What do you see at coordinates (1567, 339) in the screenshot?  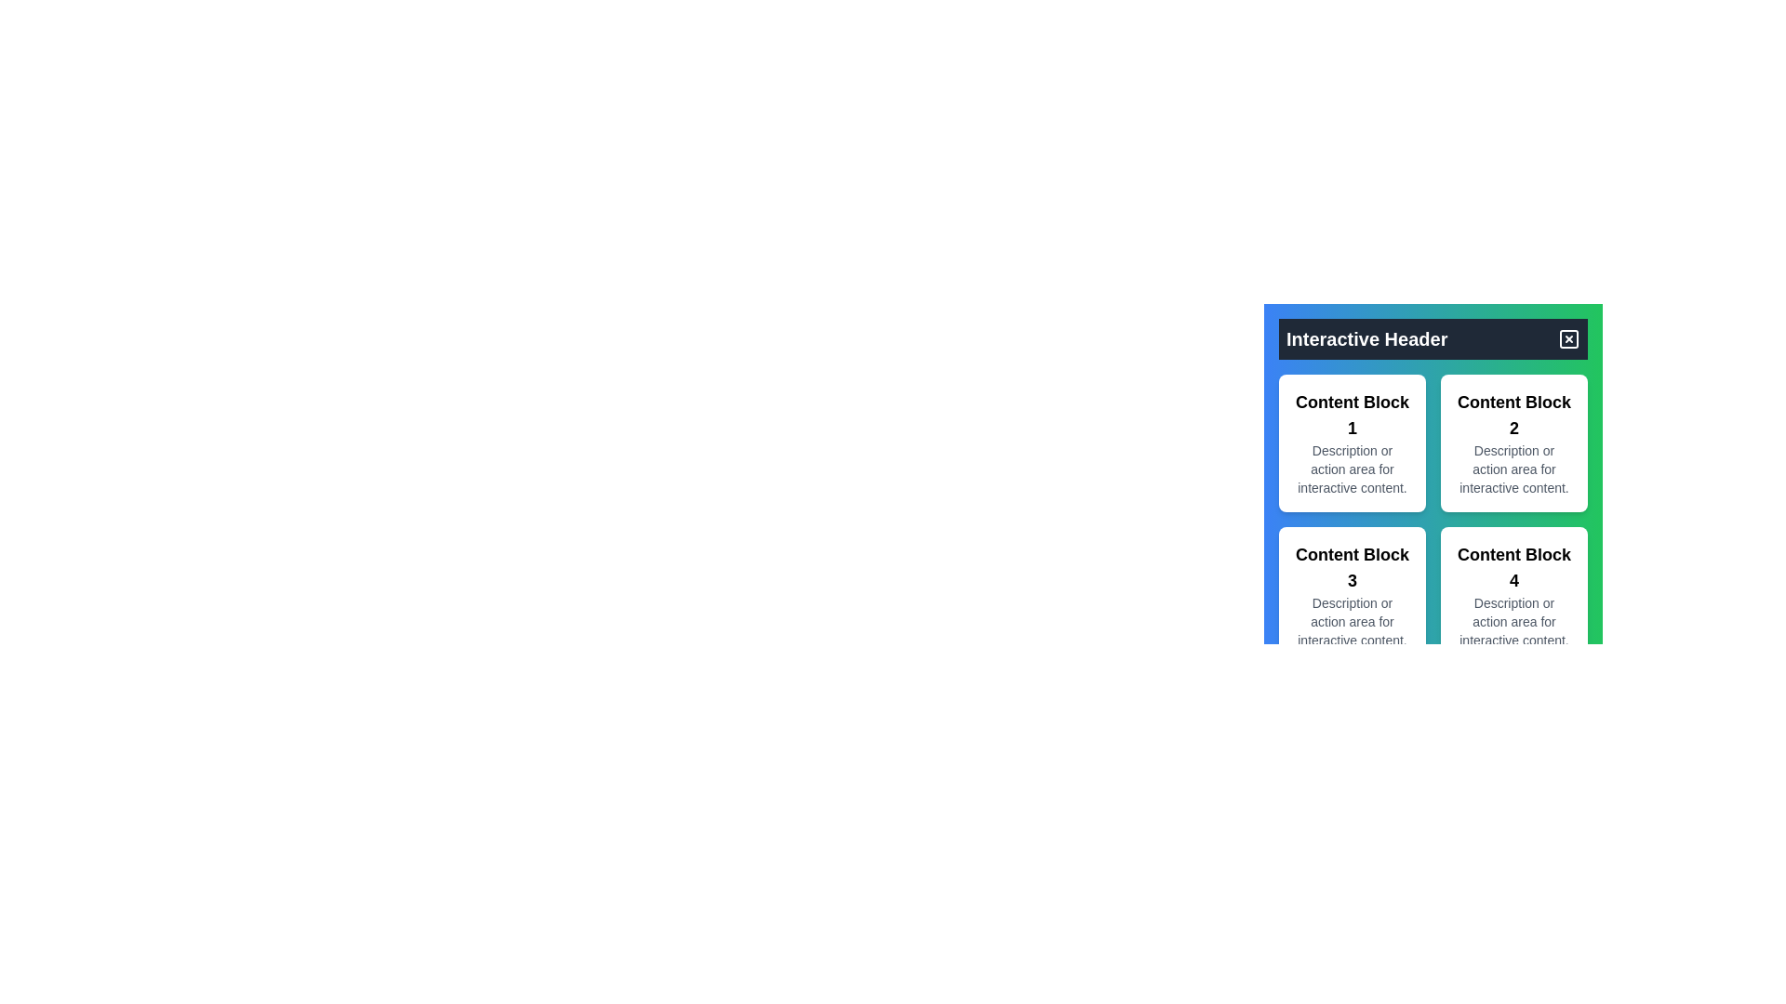 I see `the 'X' shaped close button icon located at the top-right corner of the 'Interactive Header'` at bounding box center [1567, 339].